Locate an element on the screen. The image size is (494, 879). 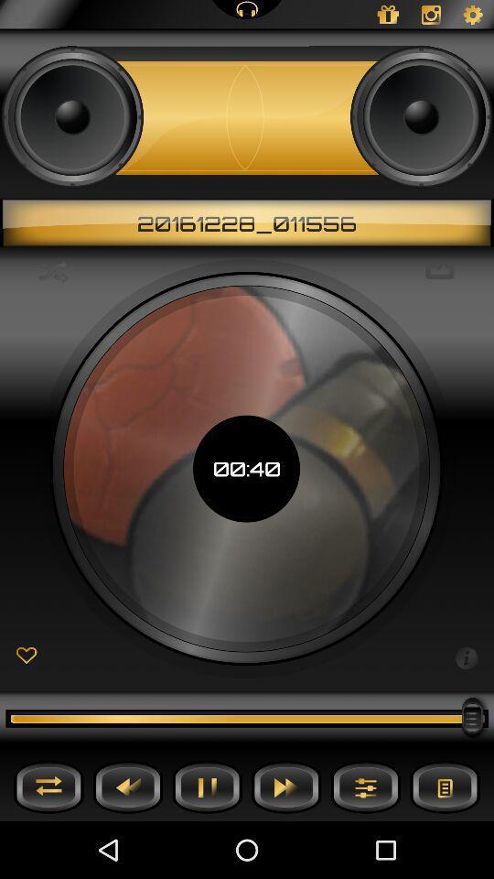
pause is located at coordinates (206, 786).